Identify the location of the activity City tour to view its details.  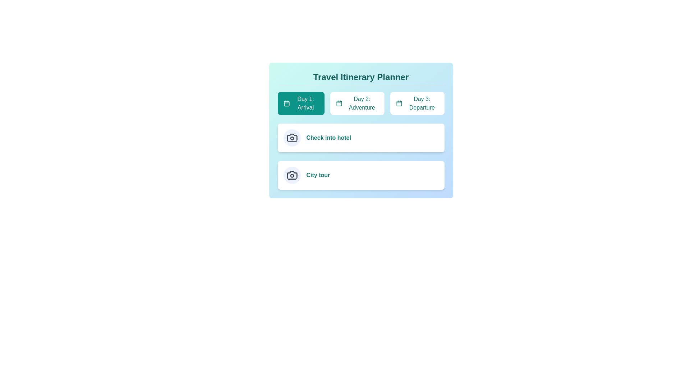
(292, 175).